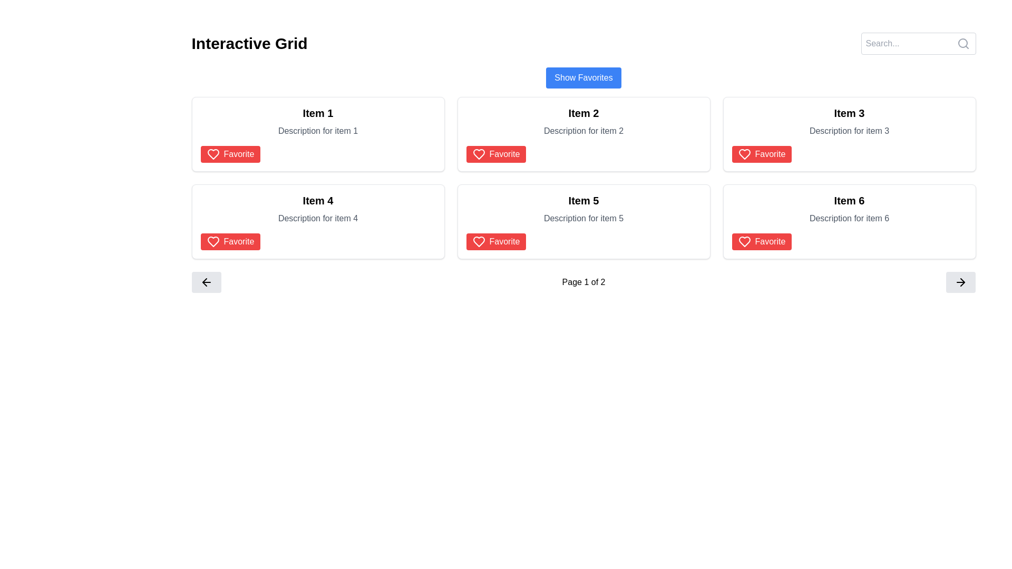  Describe the element at coordinates (495, 242) in the screenshot. I see `the favorite button located at the bottom center of the card labeled 'Item 5'` at that location.